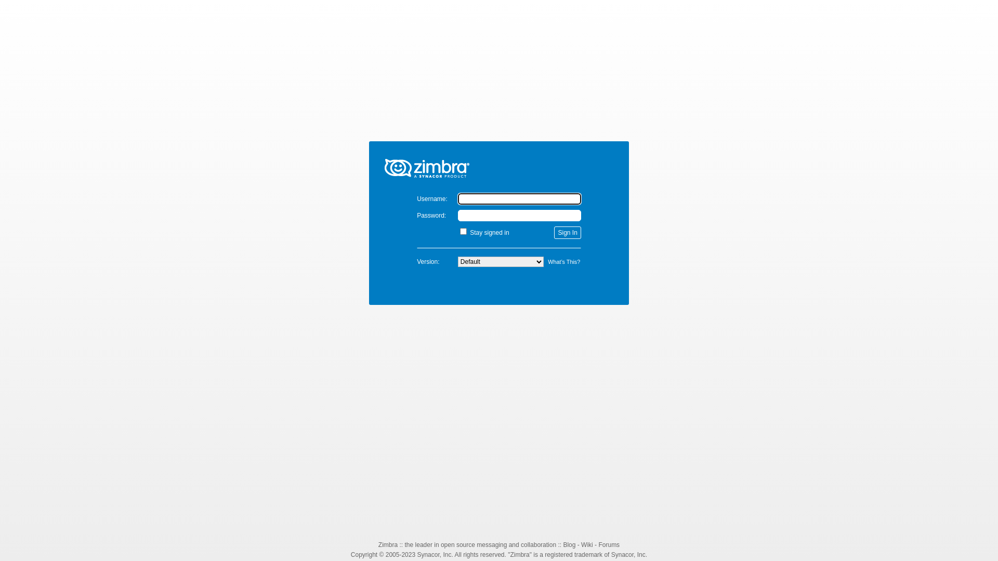 The image size is (998, 561). What do you see at coordinates (567, 232) in the screenshot?
I see `'Sign In'` at bounding box center [567, 232].